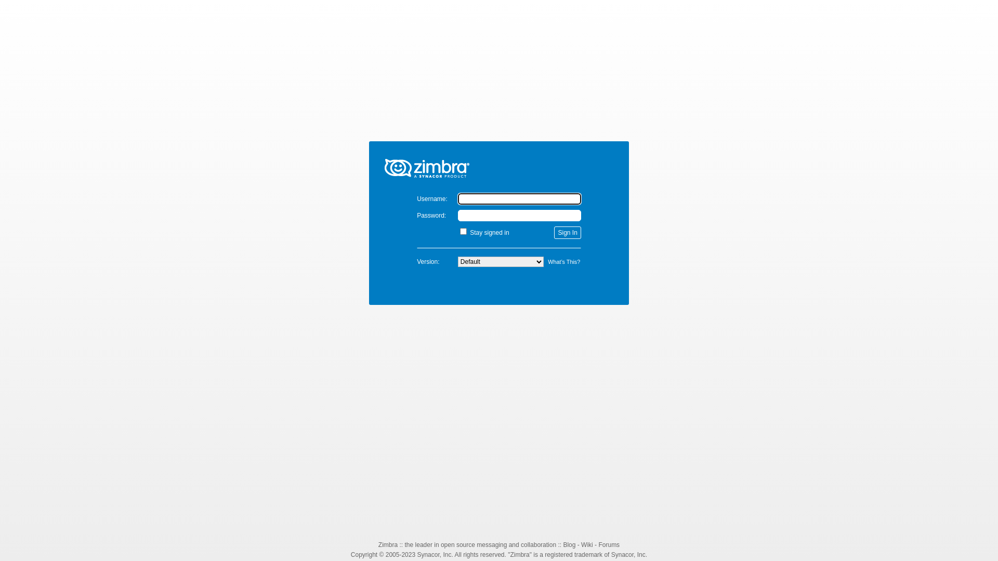 The image size is (998, 561). What do you see at coordinates (567, 232) in the screenshot?
I see `'Sign In'` at bounding box center [567, 232].